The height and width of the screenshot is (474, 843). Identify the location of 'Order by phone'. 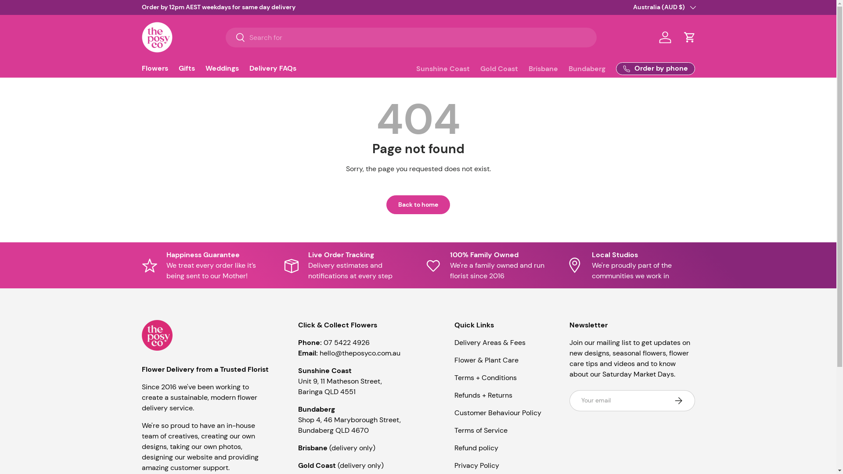
(655, 68).